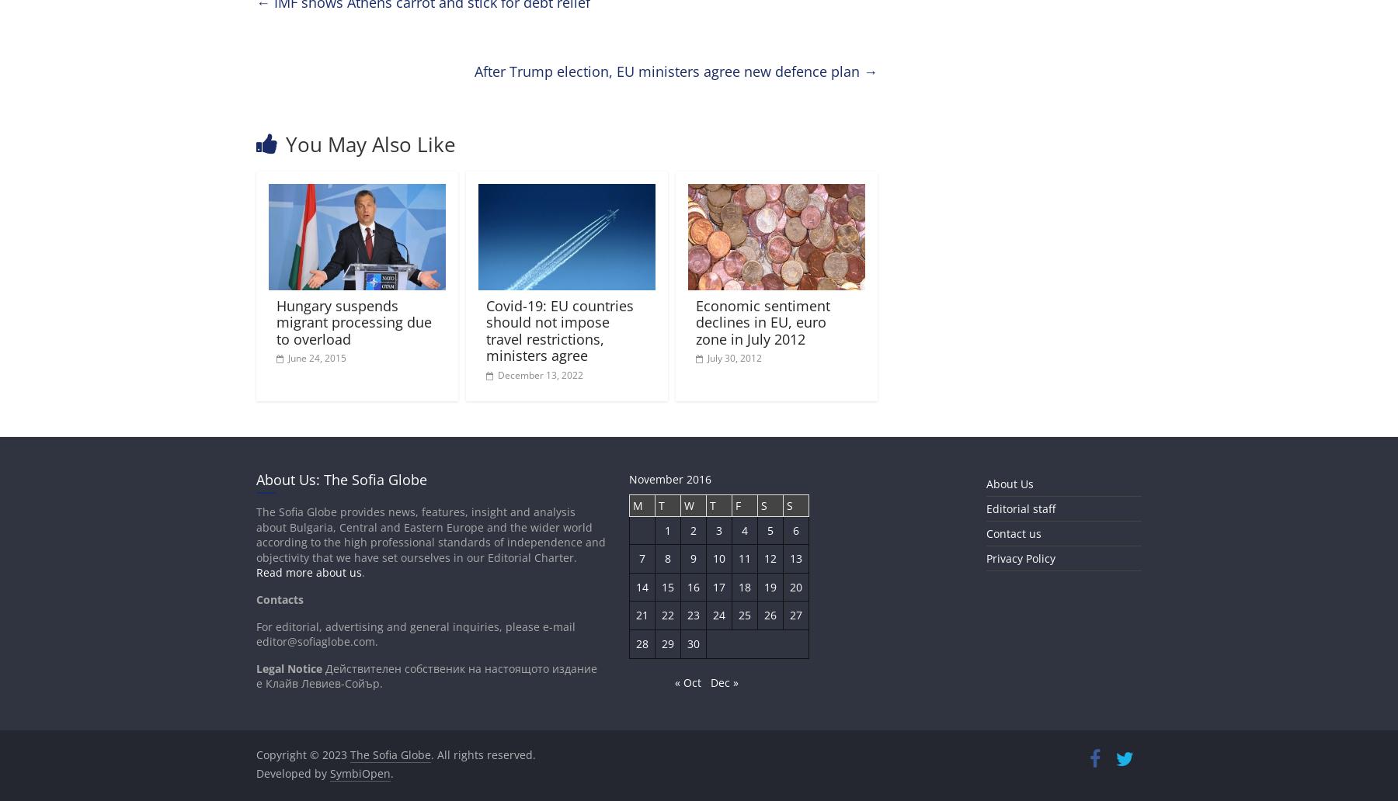 Image resolution: width=1398 pixels, height=801 pixels. I want to click on '13', so click(795, 557).